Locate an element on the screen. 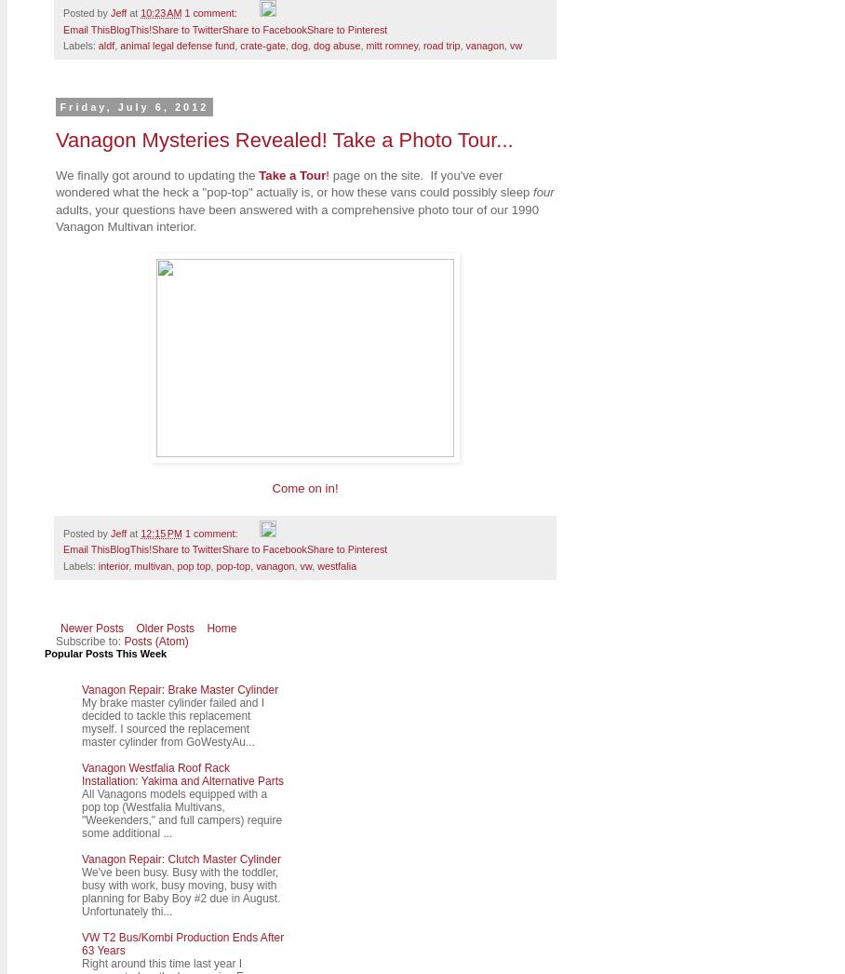 This screenshot has width=845, height=974. 'We finally got around to updating the' is located at coordinates (155, 174).